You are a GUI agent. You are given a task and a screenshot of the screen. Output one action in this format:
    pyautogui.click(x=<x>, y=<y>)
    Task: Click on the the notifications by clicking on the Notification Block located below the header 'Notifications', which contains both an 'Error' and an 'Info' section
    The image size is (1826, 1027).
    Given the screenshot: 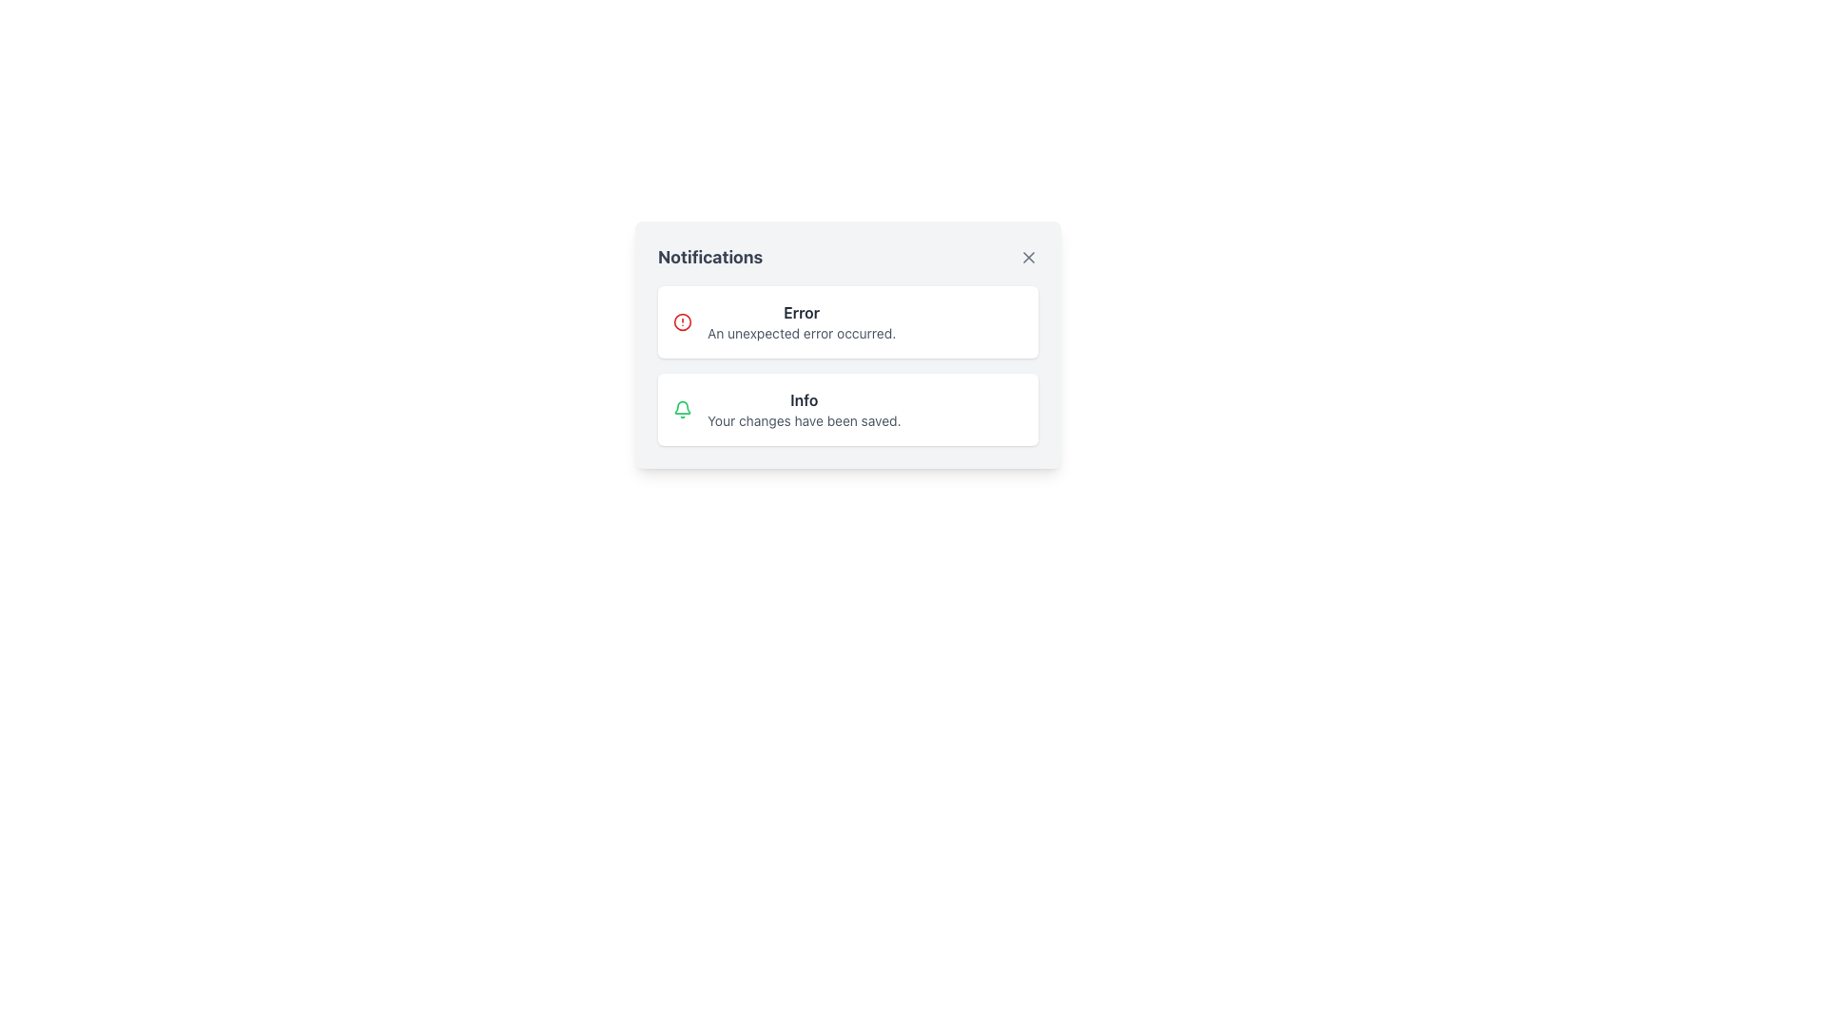 What is the action you would take?
    pyautogui.click(x=847, y=366)
    